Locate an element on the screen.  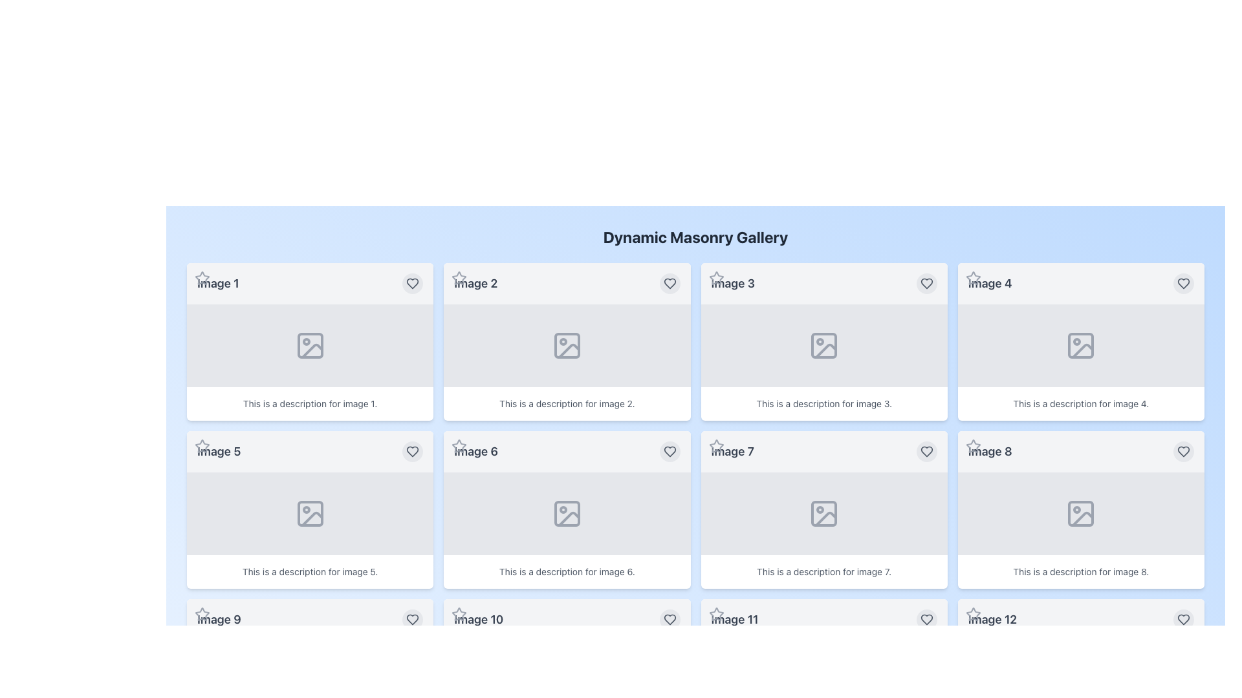
the star icon located in the top-left corner of the card labeled 'Image 4' to mark the item as a favorite is located at coordinates (972, 277).